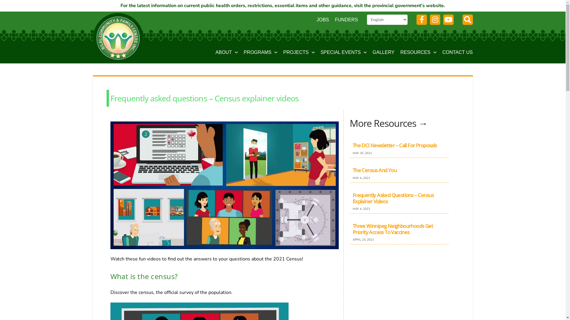 The image size is (570, 320). I want to click on 'SPECIAL EVENTS', so click(343, 53).